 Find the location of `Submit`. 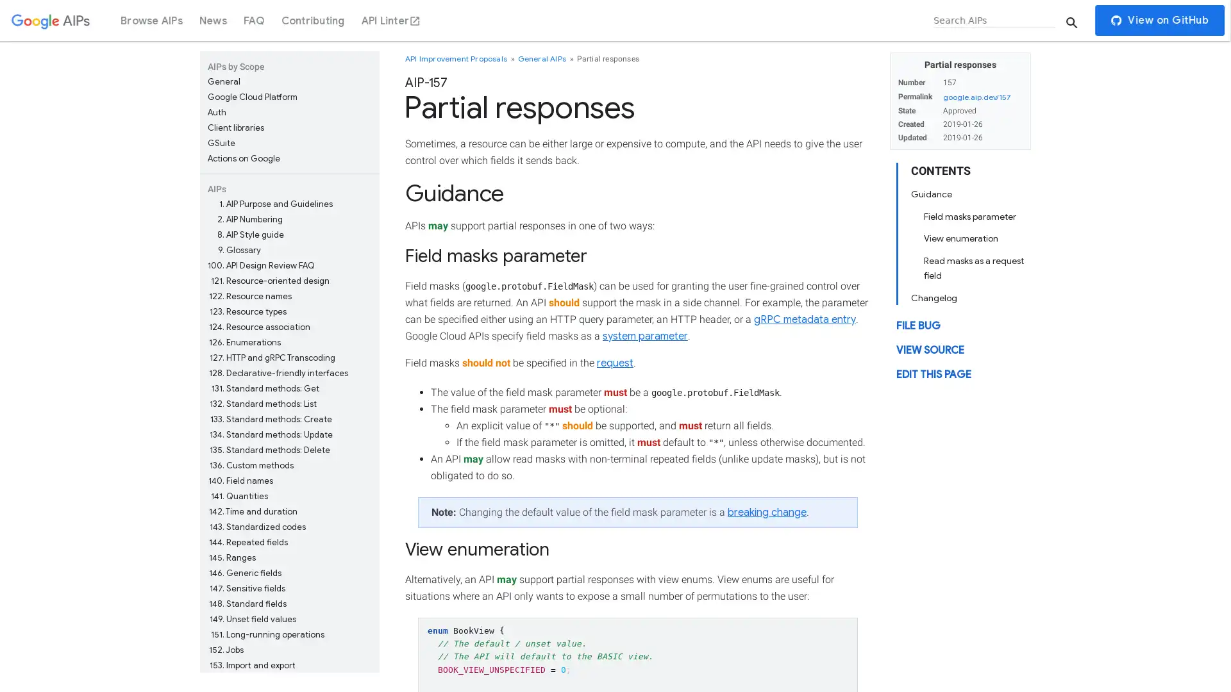

Submit is located at coordinates (1073, 22).